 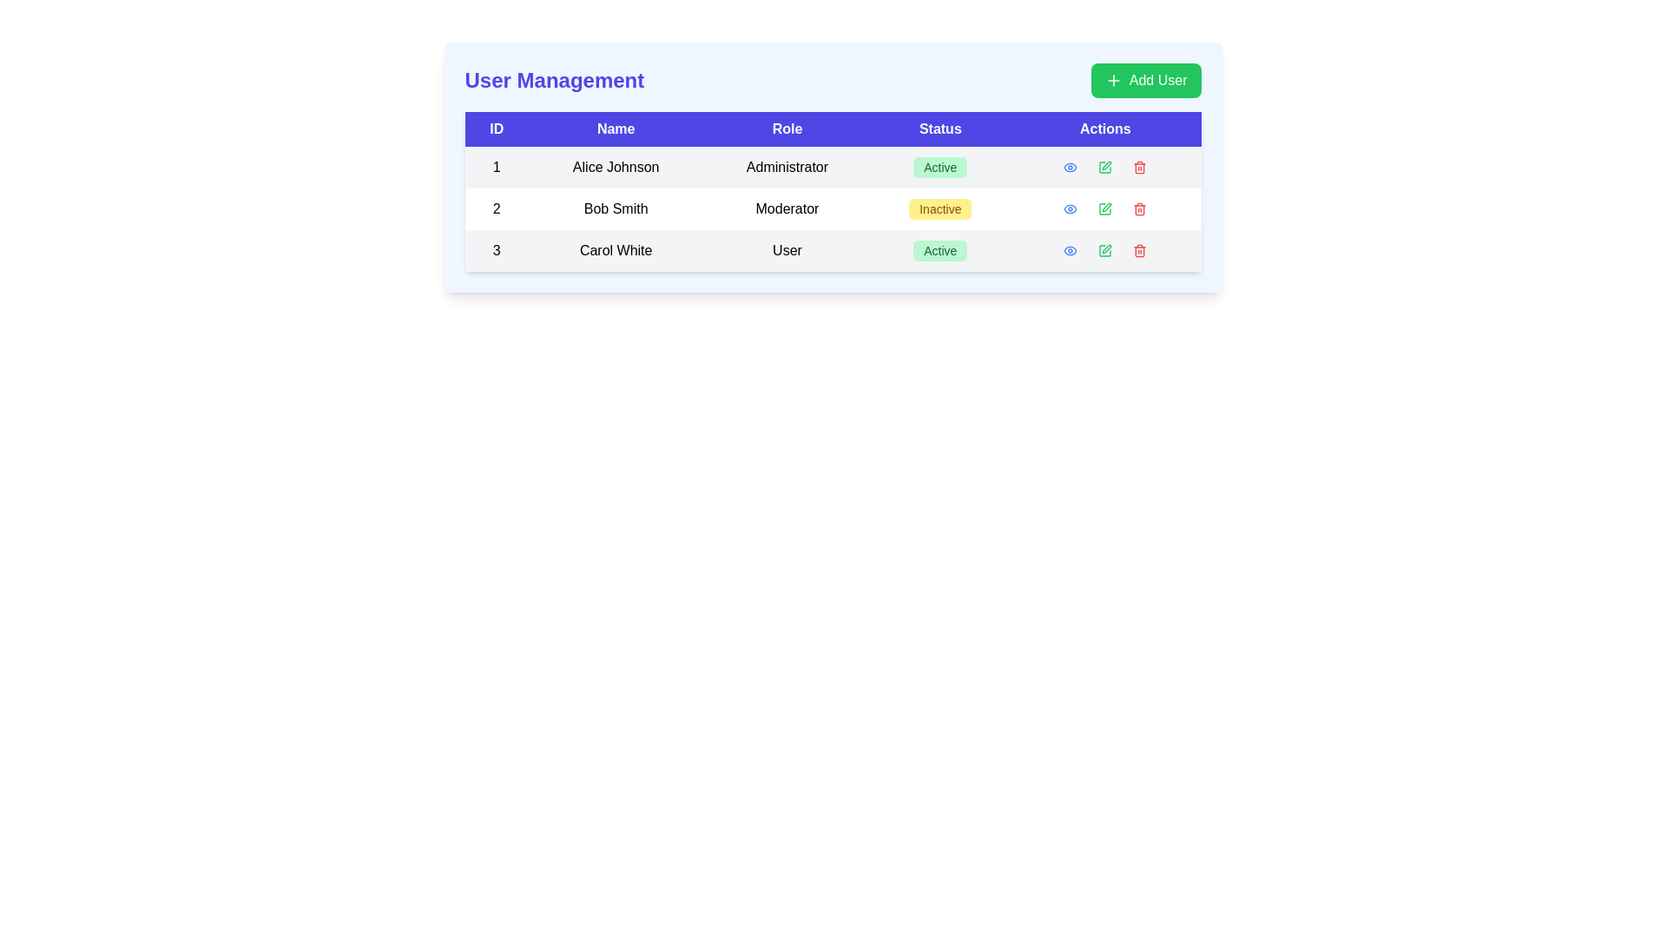 I want to click on the edit button in the 'Actions' column, located in the third row of the data table, so click(x=1104, y=251).